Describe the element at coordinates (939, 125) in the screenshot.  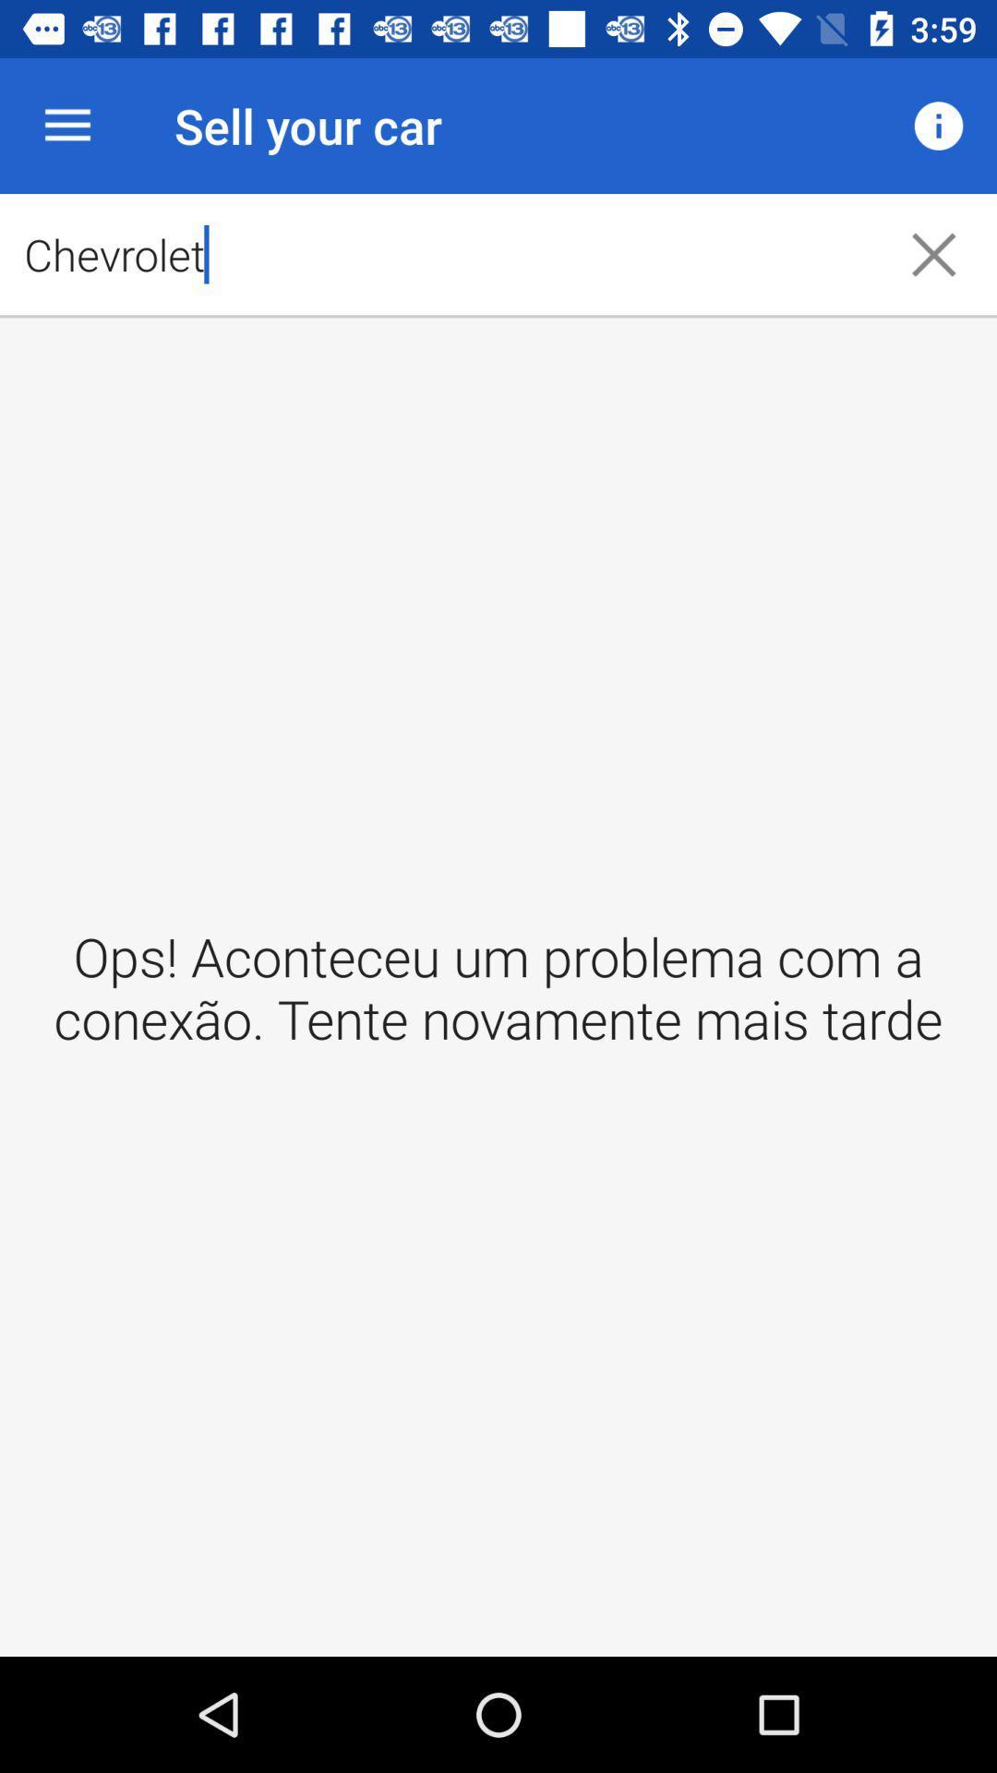
I see `item to the right of the chevrolet icon` at that location.